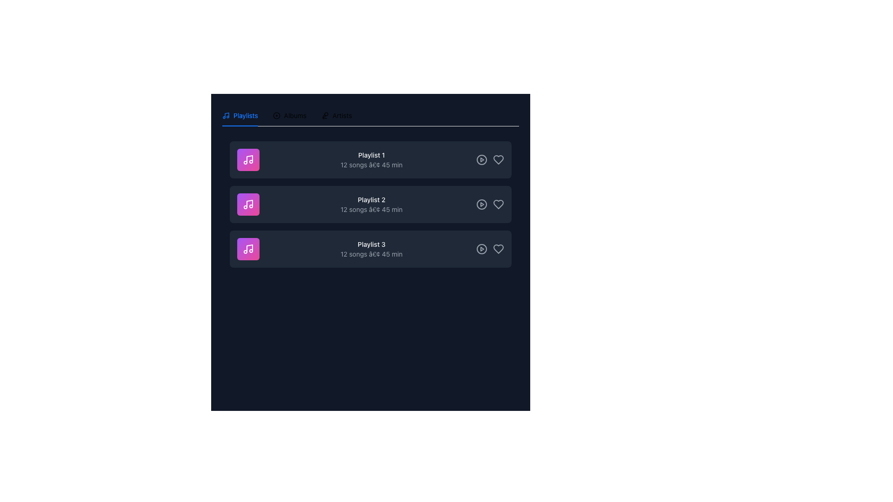 Image resolution: width=893 pixels, height=502 pixels. What do you see at coordinates (371, 210) in the screenshot?
I see `the text display element showing '12 songs • 45 min', which is positioned directly below 'Playlist 2' in a small, gray font within the playlist card` at bounding box center [371, 210].